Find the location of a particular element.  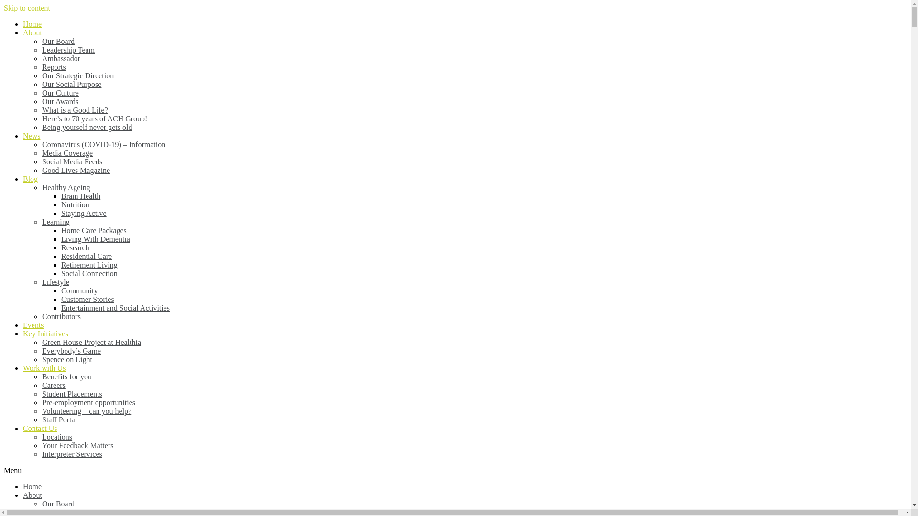

'Contact Us' is located at coordinates (23, 428).